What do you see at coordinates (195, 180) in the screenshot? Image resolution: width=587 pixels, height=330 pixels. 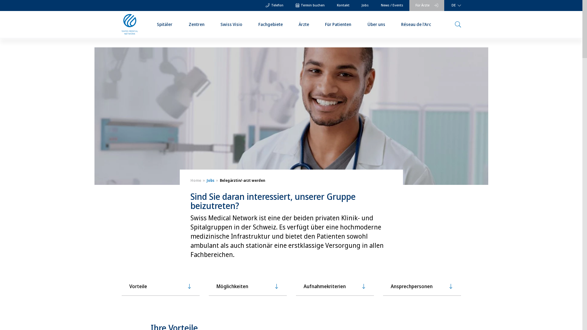 I see `'Home'` at bounding box center [195, 180].